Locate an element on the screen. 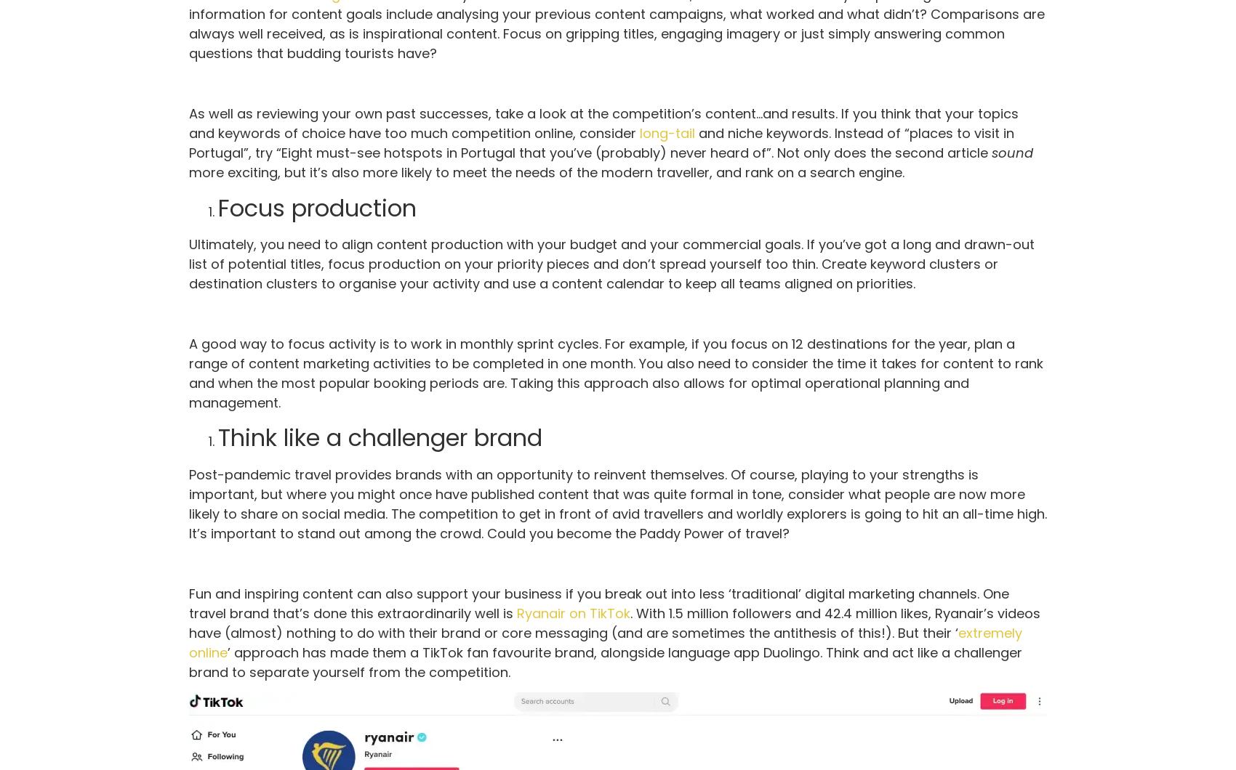 This screenshot has width=1236, height=770. 'Ultimately, you need to align content production with your budget and your commercial goals. If you’ve got a long and drawn-out list of potential titles, focus production on your priority pieces and don’t spread yourself too thin. Create keyword clusters or destination clusters to organise your activity and use a content calendar to keep all teams aligned on priorities.' is located at coordinates (188, 264).